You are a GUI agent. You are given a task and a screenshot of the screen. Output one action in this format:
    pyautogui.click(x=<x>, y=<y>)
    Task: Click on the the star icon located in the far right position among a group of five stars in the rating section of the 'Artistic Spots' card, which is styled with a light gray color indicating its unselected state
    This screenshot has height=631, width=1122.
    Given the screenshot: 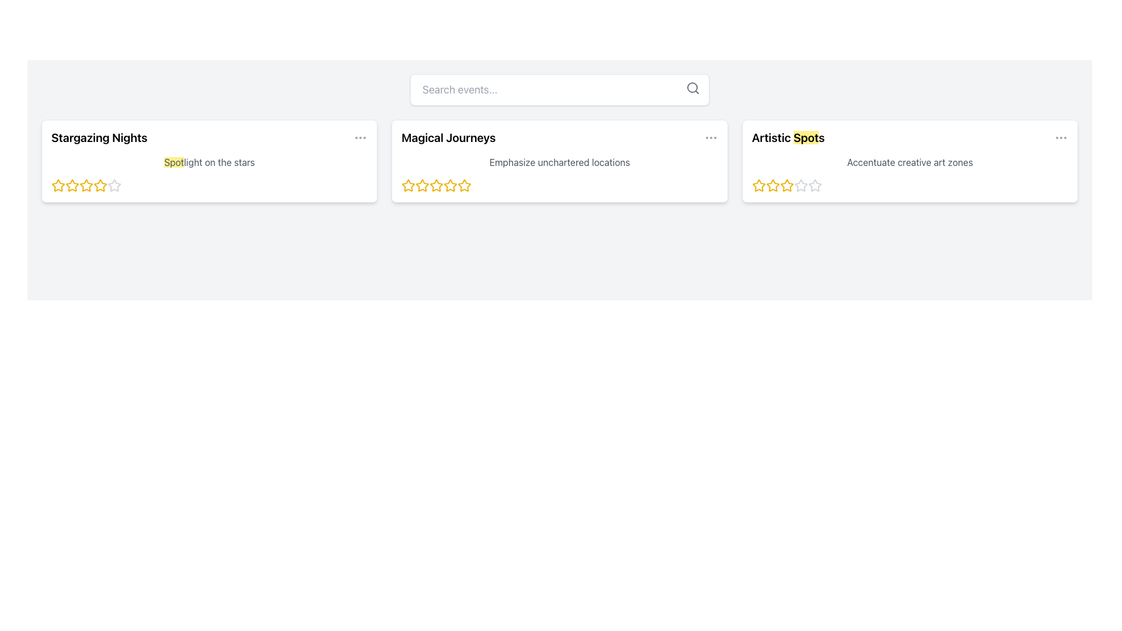 What is the action you would take?
    pyautogui.click(x=814, y=185)
    